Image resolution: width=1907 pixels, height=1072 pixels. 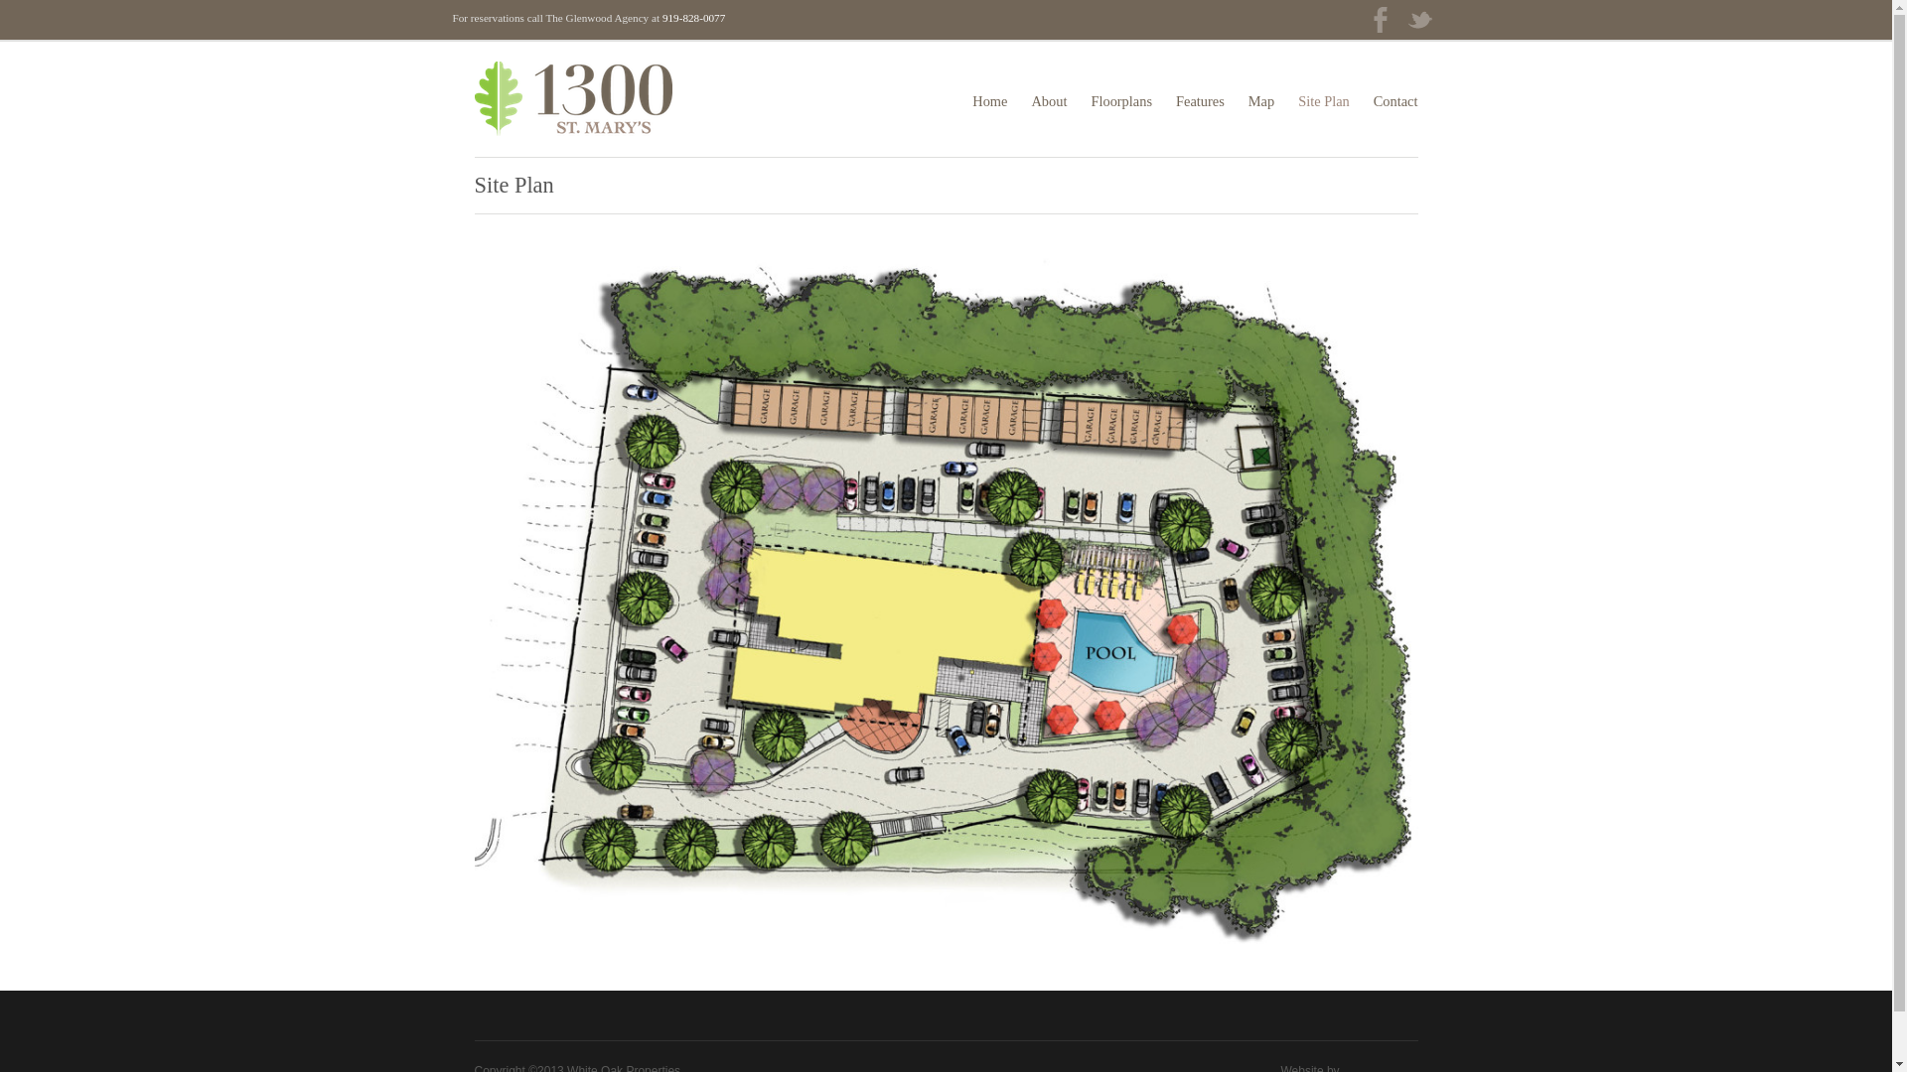 What do you see at coordinates (1419, 24) in the screenshot?
I see `'Twitter'` at bounding box center [1419, 24].